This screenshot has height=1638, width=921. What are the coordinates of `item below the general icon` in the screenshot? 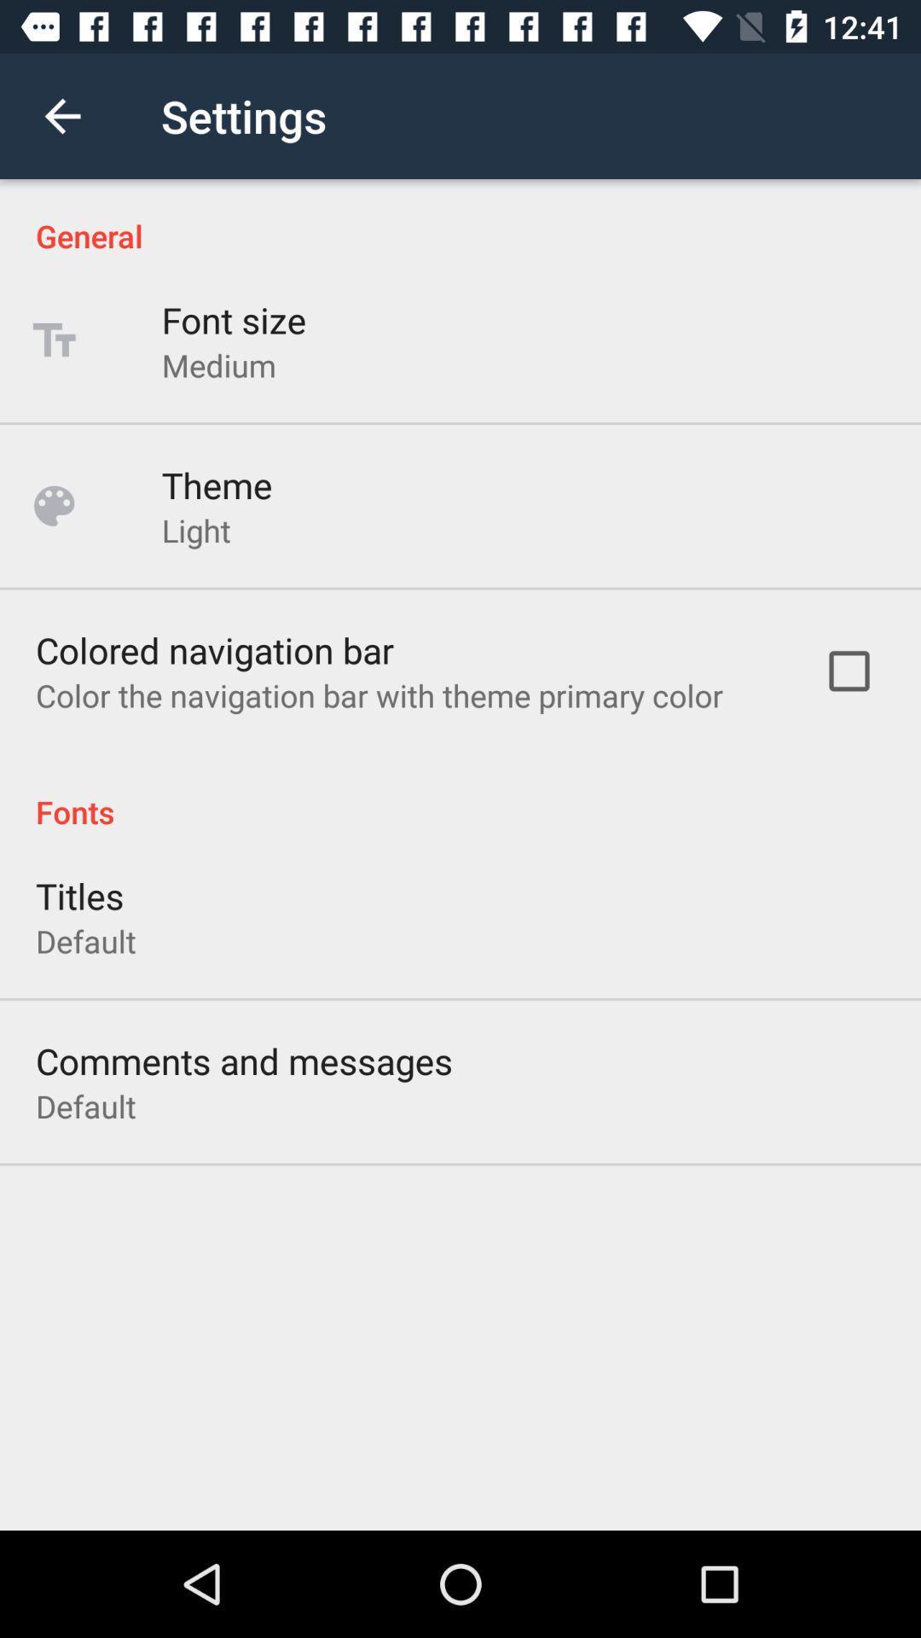 It's located at (234, 319).